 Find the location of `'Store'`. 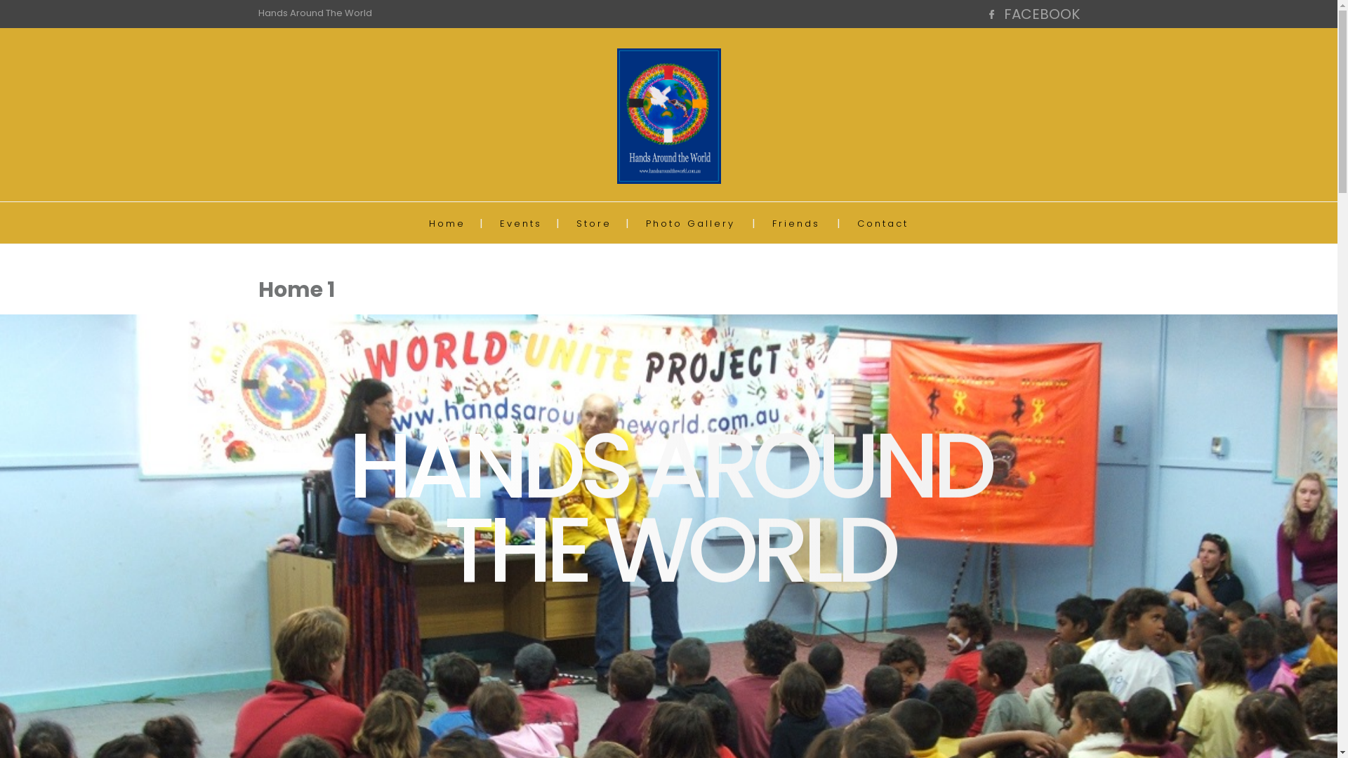

'Store' is located at coordinates (576, 222).